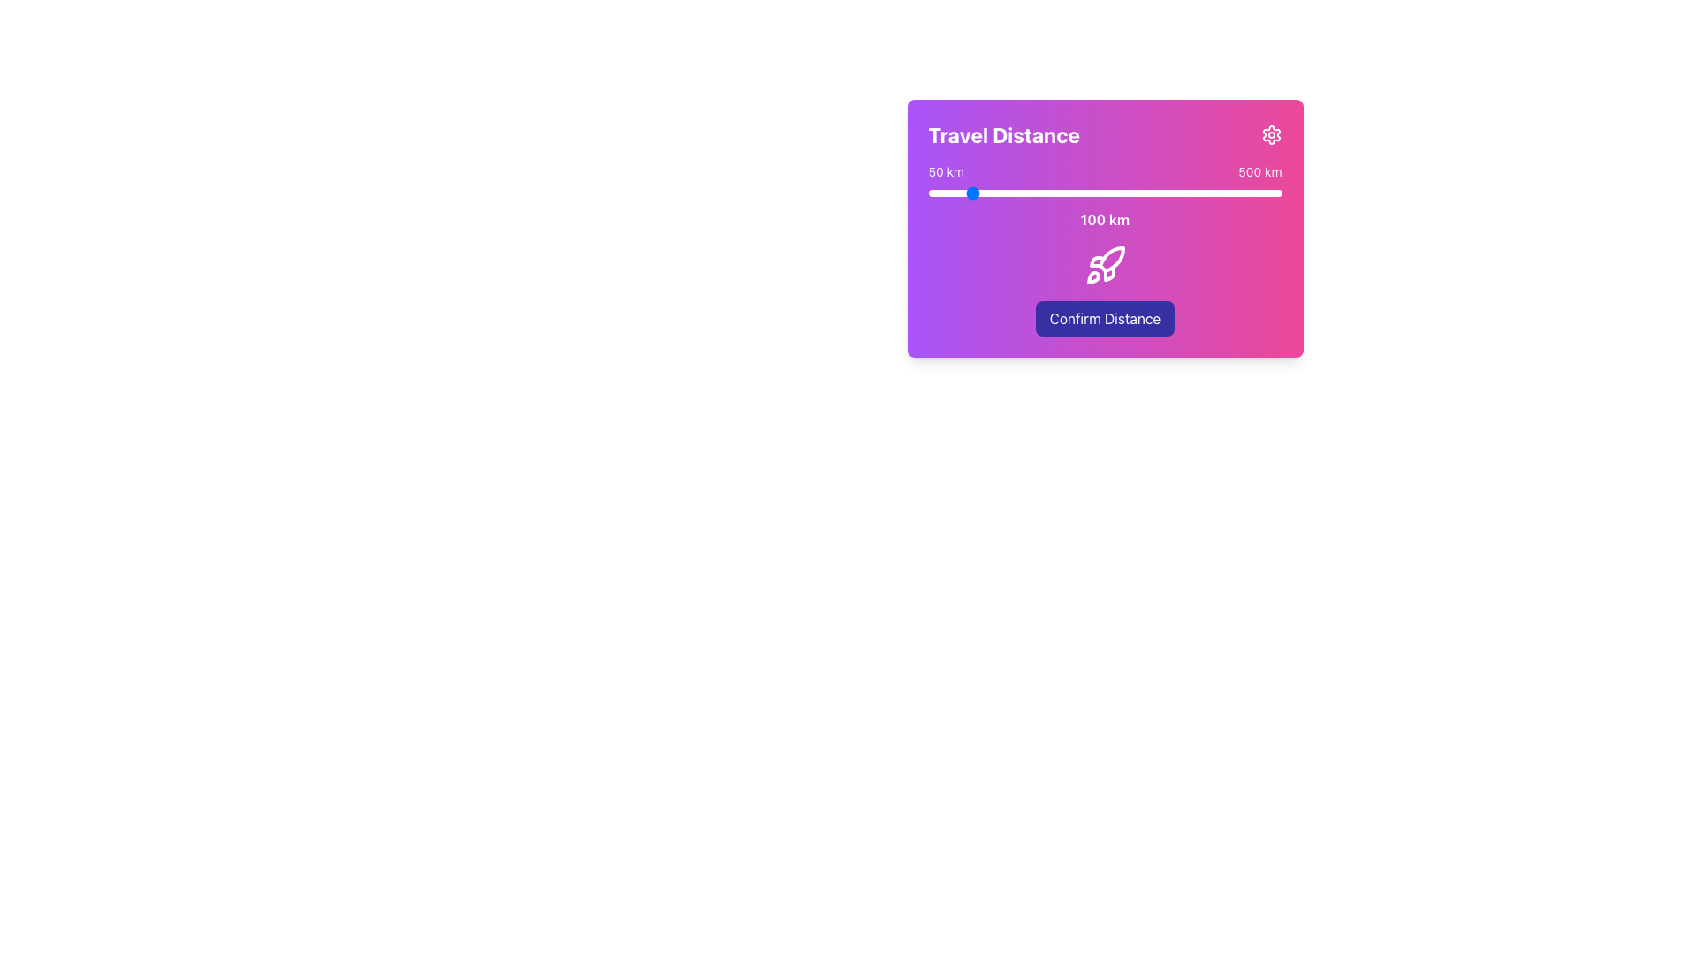  I want to click on the settings icon, which resembles a cogwheel and is located at the top-right corner of the 'Travel Distance' card, so click(1270, 134).